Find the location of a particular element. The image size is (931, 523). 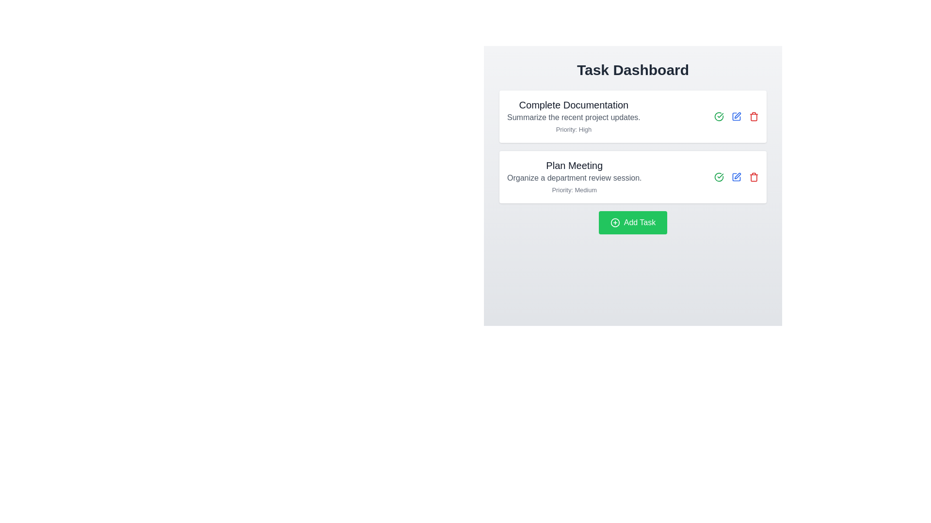

the text label displaying 'Priority: High' located under the task title 'Complete Documentation' and description 'Summarize the recent project updates.' is located at coordinates (574, 129).